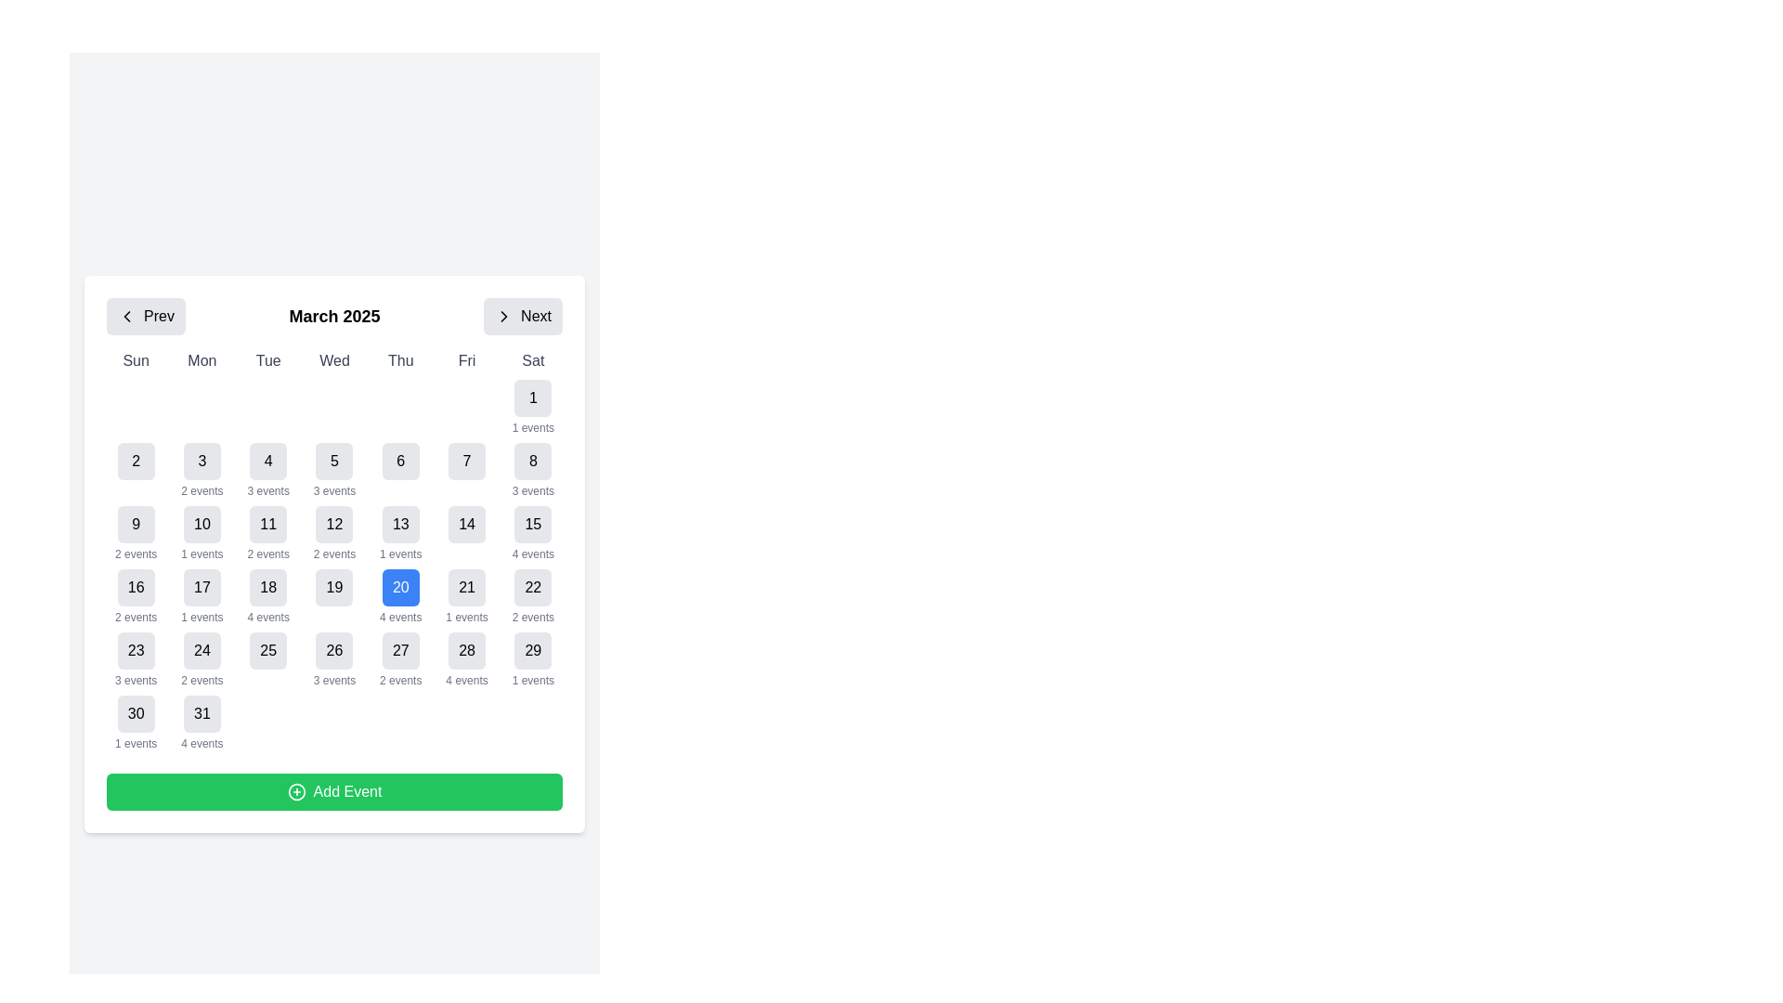 Image resolution: width=1783 pixels, height=1003 pixels. Describe the element at coordinates (467, 469) in the screenshot. I see `the button displaying the digit '7' in the calendar grid` at that location.